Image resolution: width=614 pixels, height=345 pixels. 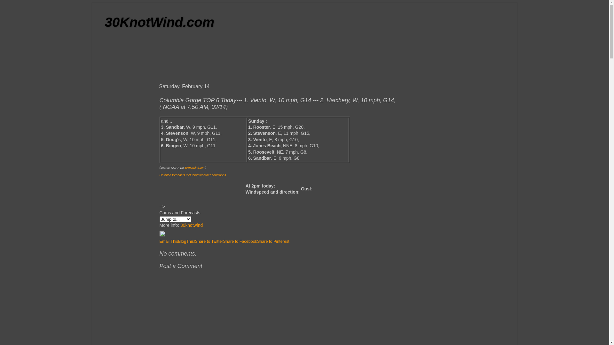 What do you see at coordinates (169, 241) in the screenshot?
I see `'Email This'` at bounding box center [169, 241].